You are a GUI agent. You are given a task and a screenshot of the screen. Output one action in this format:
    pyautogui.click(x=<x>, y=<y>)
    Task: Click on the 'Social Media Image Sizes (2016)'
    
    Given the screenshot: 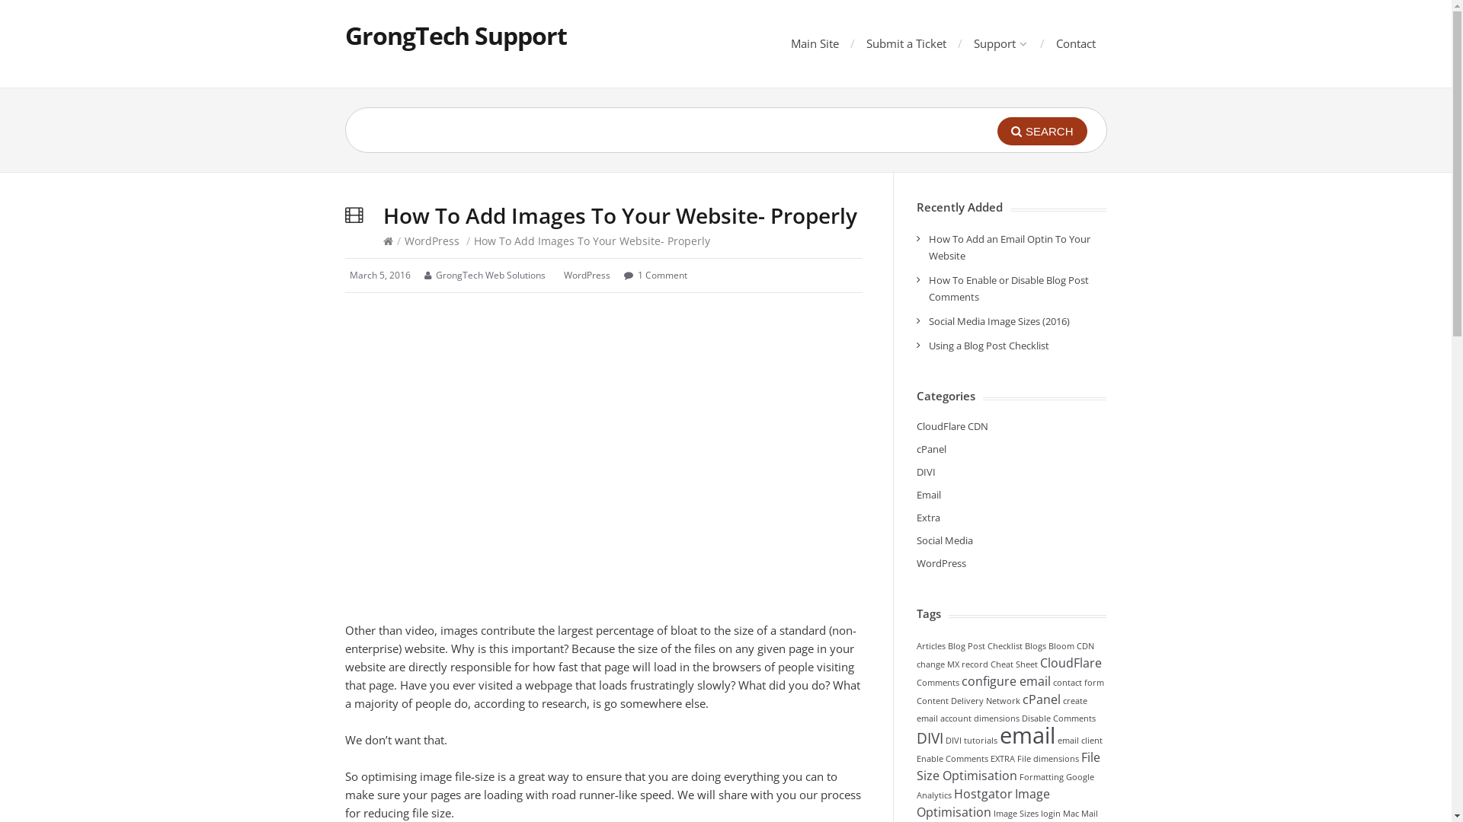 What is the action you would take?
    pyautogui.click(x=998, y=320)
    